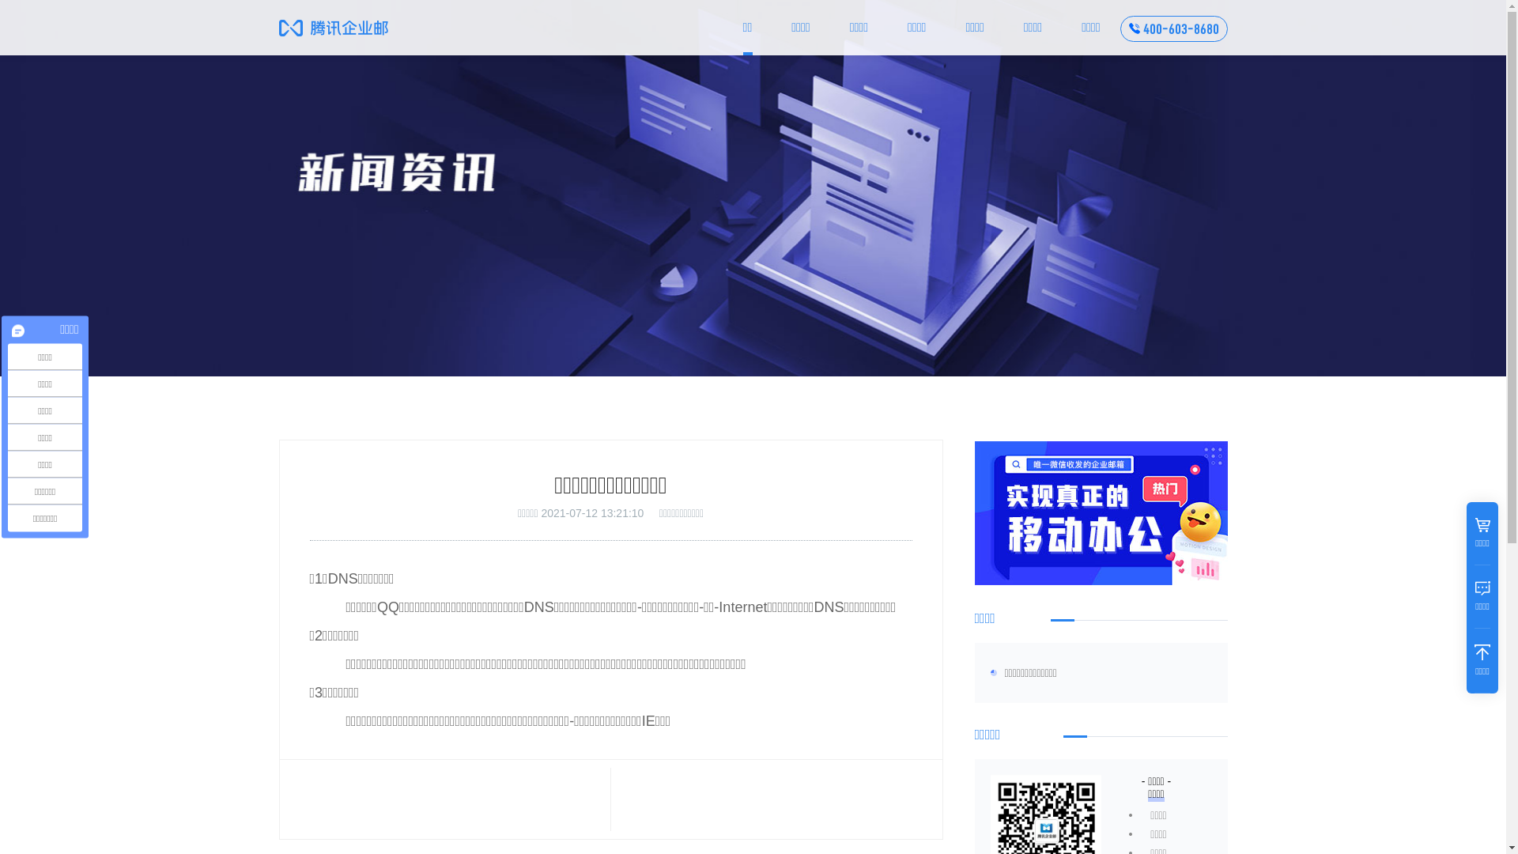  What do you see at coordinates (1180, 29) in the screenshot?
I see `'400-603-8680'` at bounding box center [1180, 29].